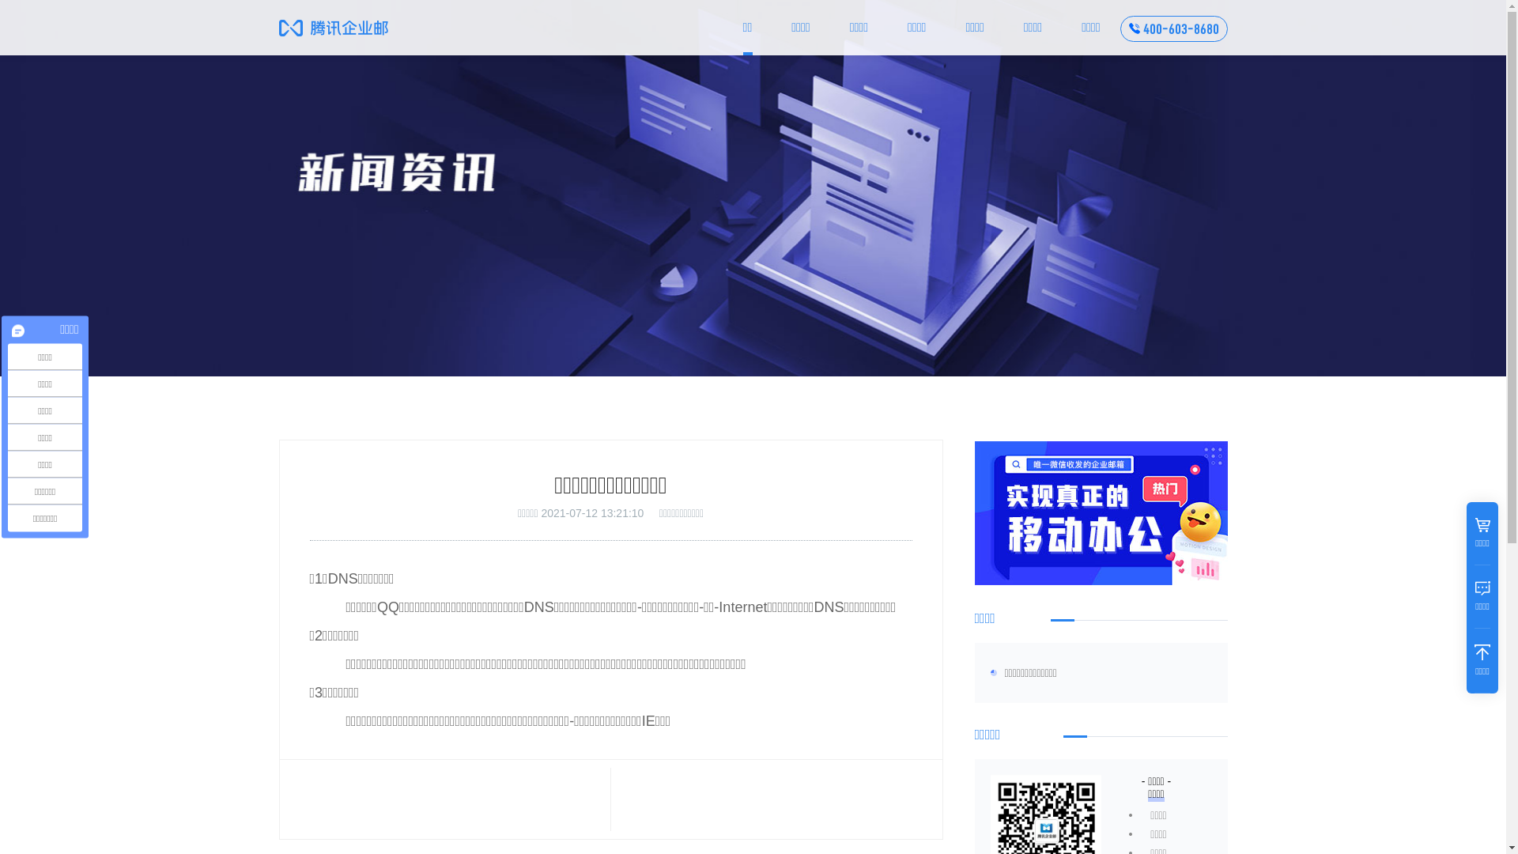  What do you see at coordinates (1180, 29) in the screenshot?
I see `'400-603-8680'` at bounding box center [1180, 29].